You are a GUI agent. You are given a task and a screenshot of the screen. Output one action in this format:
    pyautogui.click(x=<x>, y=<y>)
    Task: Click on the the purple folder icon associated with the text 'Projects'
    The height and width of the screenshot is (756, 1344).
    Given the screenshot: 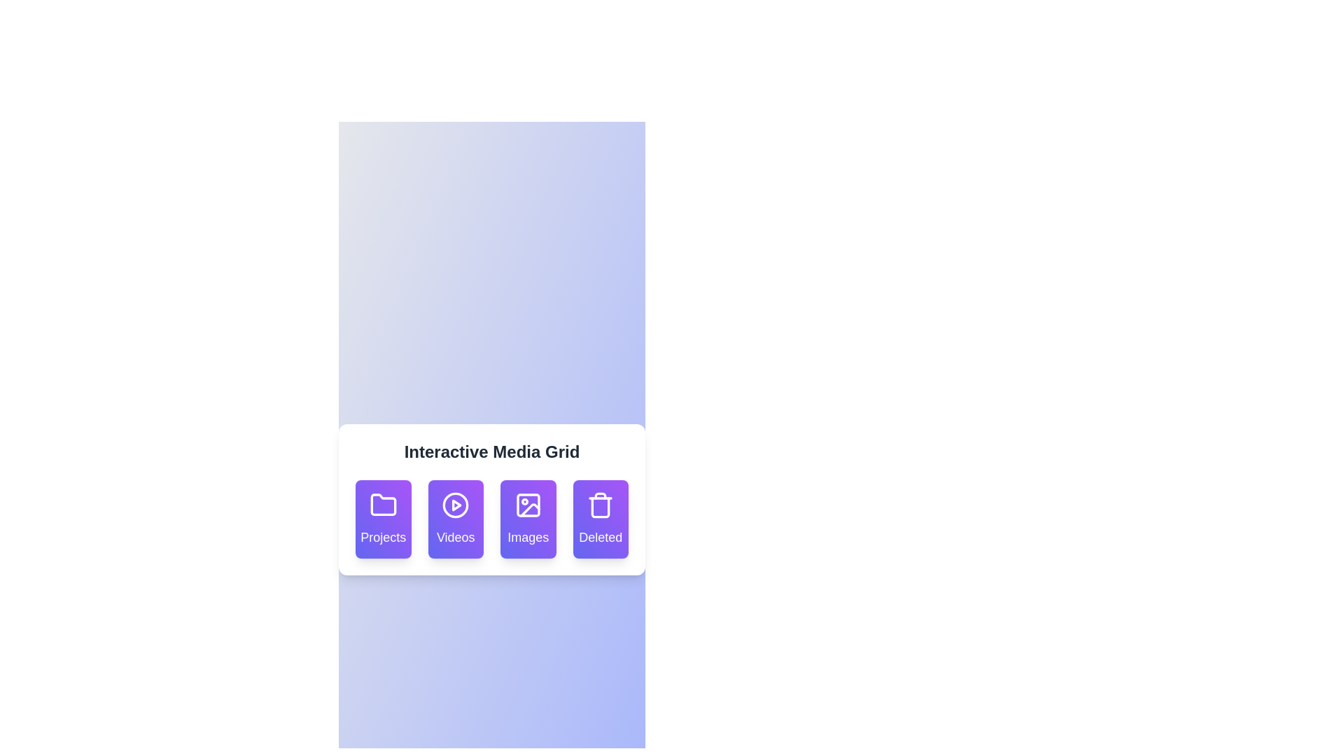 What is the action you would take?
    pyautogui.click(x=383, y=505)
    